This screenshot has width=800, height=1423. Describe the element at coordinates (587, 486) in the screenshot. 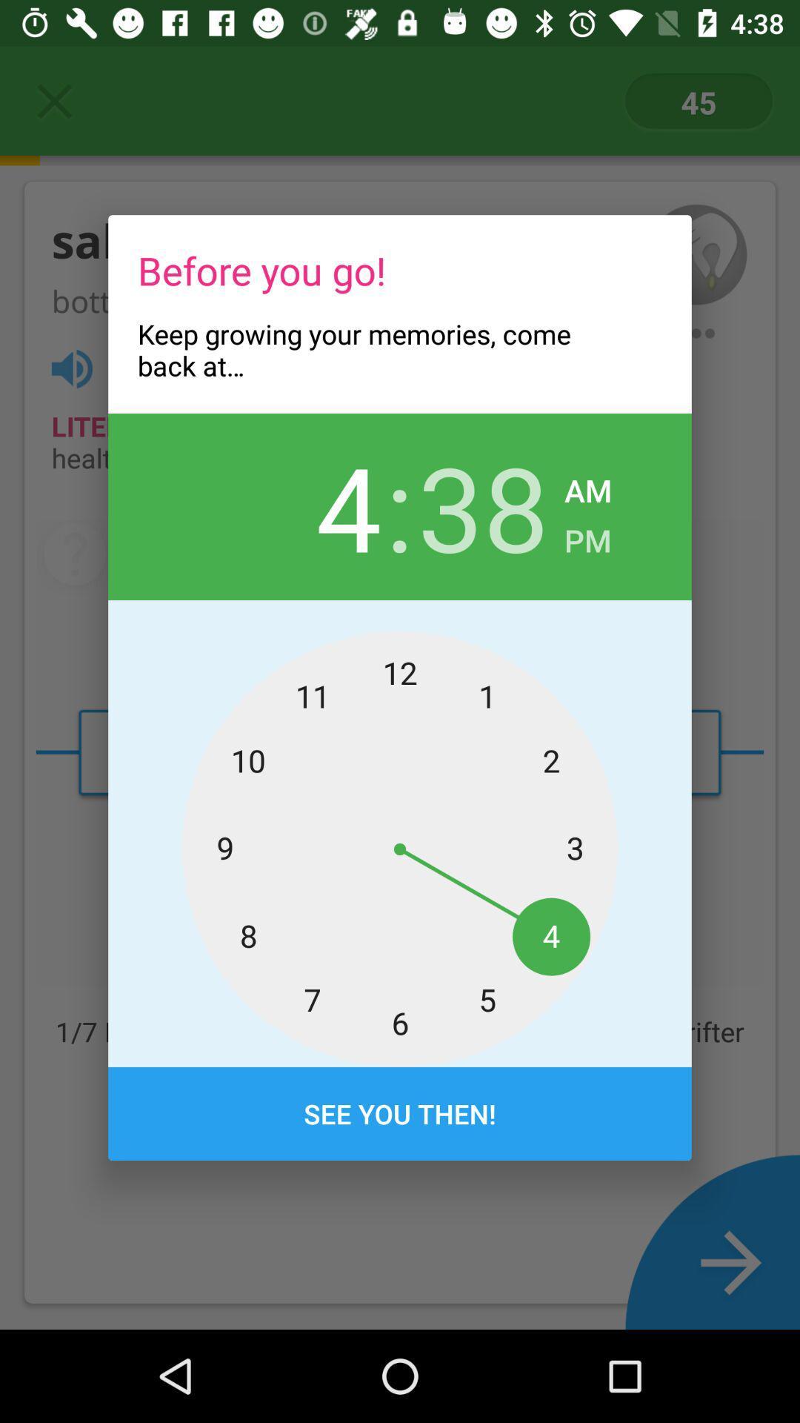

I see `the icon above the pm` at that location.